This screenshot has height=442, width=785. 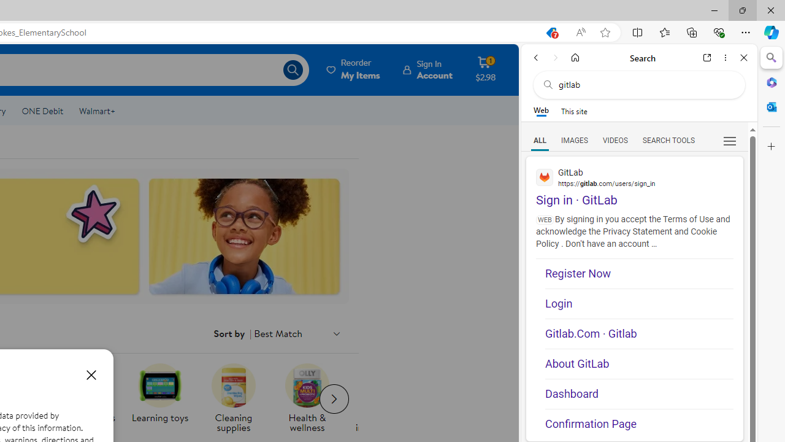 What do you see at coordinates (615, 139) in the screenshot?
I see `'Search Filter, VIDEOS'` at bounding box center [615, 139].